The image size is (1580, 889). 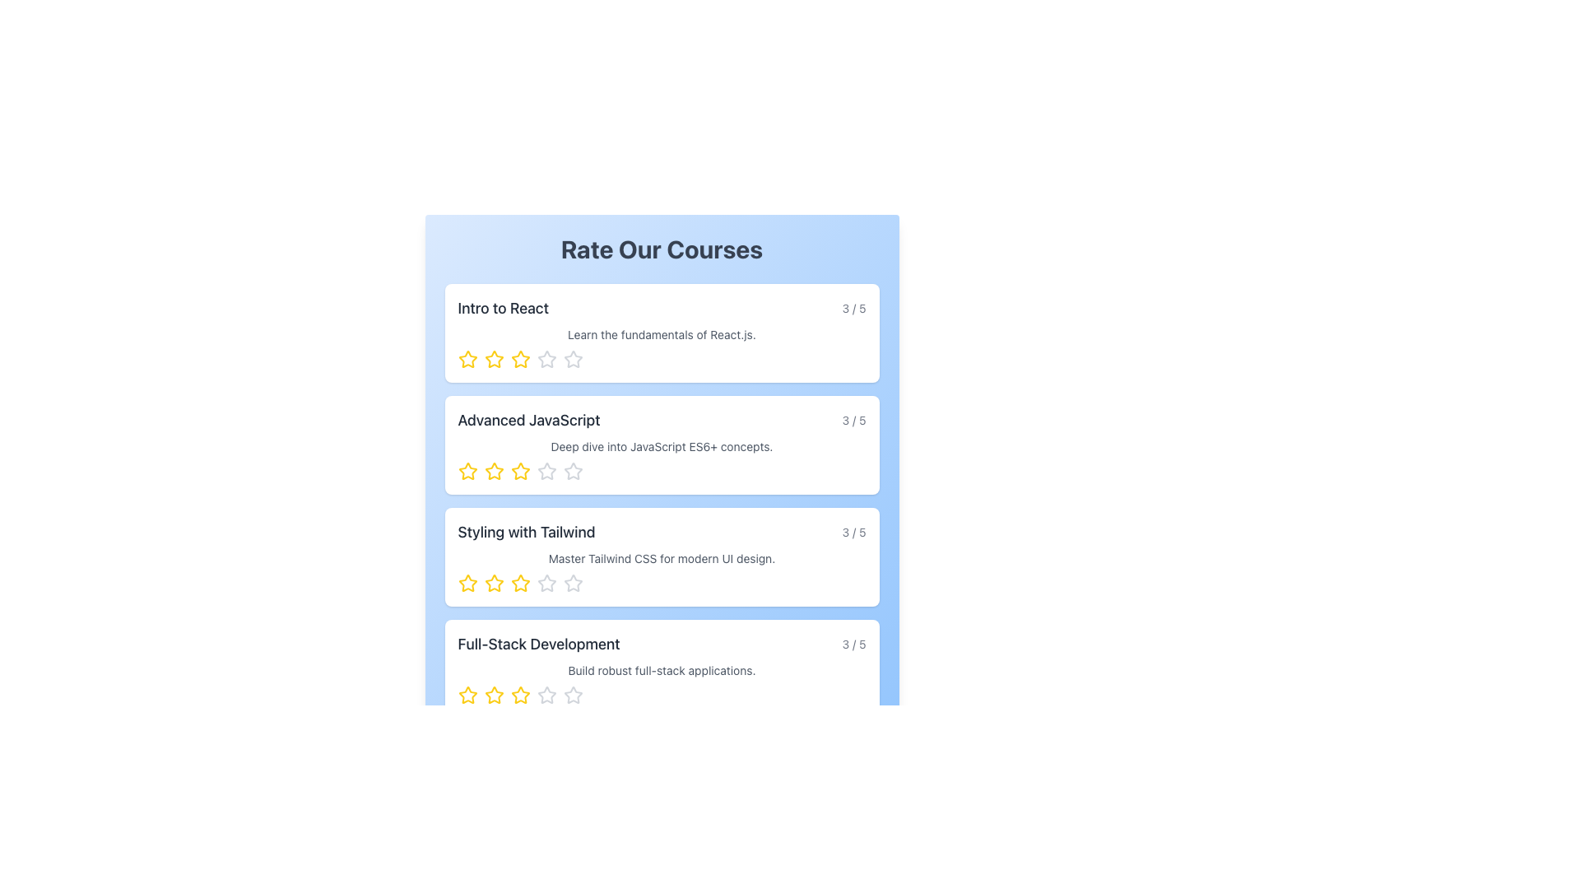 I want to click on the fourth star icon in the rating row under the 'Advanced JavaScript' course to rate it, so click(x=573, y=471).